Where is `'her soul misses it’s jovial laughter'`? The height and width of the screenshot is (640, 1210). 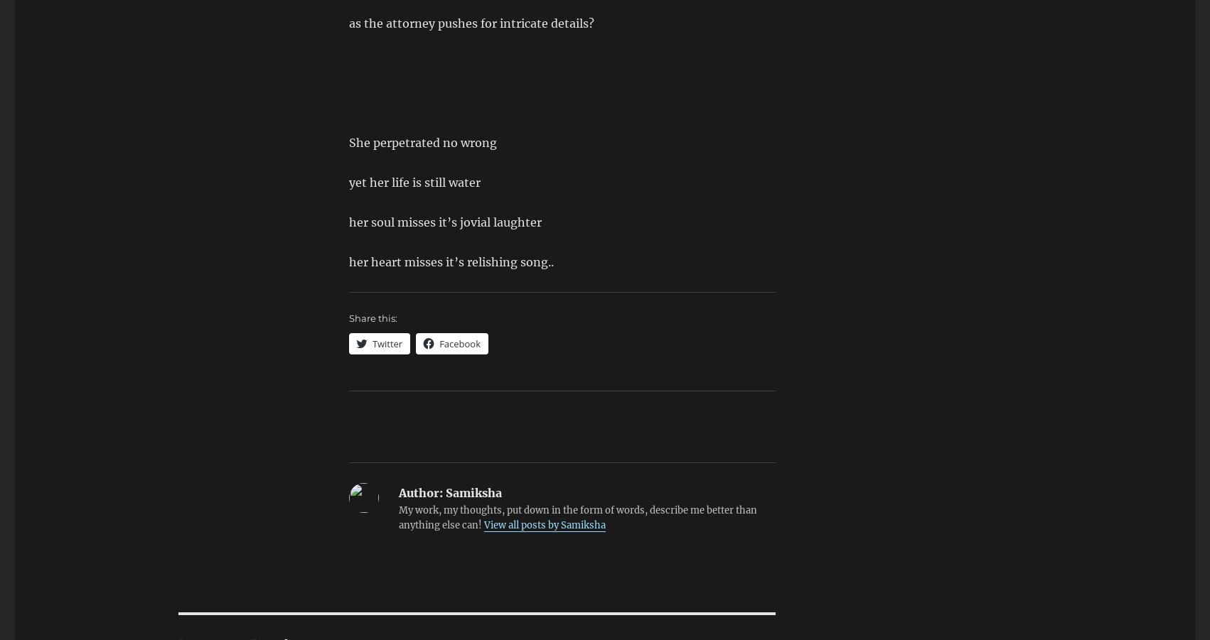 'her soul misses it’s jovial laughter' is located at coordinates (445, 222).